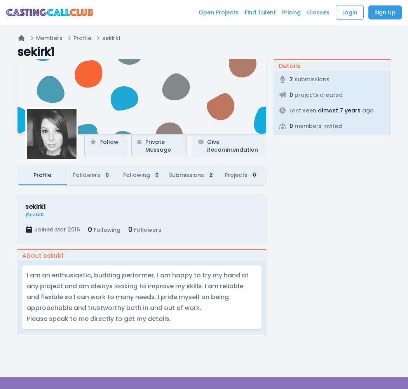 This screenshot has width=408, height=389. Describe the element at coordinates (349, 12) in the screenshot. I see `'Login'` at that location.